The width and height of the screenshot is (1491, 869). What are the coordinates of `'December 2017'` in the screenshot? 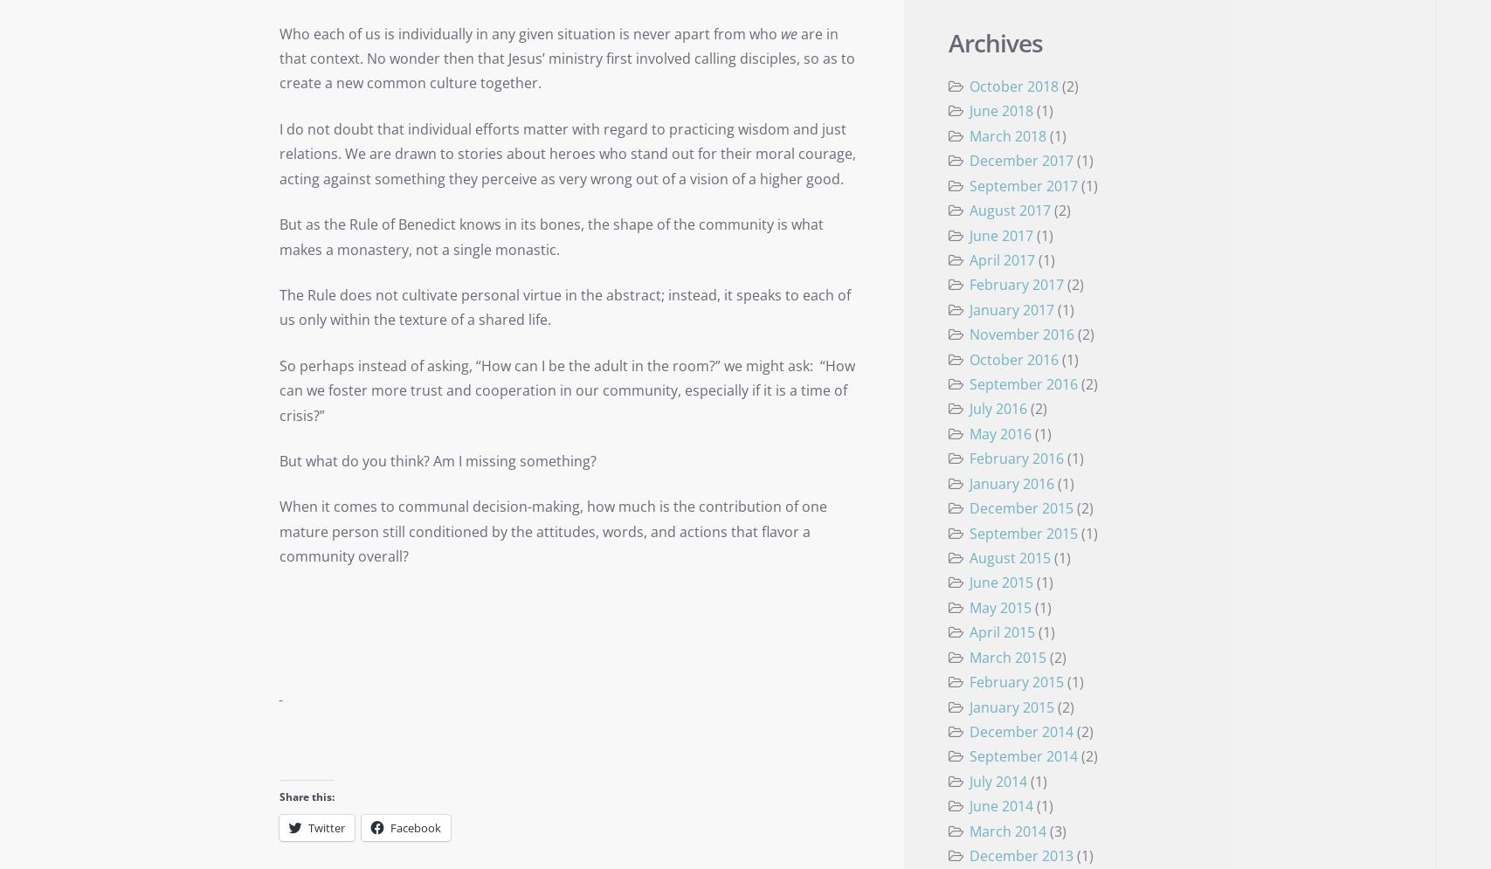 It's located at (1019, 160).